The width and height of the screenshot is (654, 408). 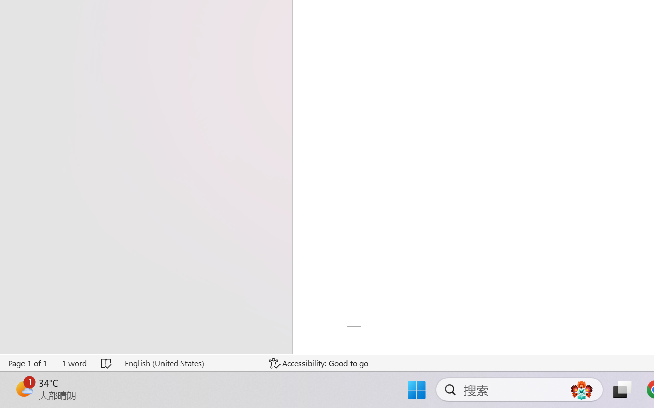 I want to click on 'AutomationID: DynamicSearchBoxGleamImage', so click(x=581, y=390).